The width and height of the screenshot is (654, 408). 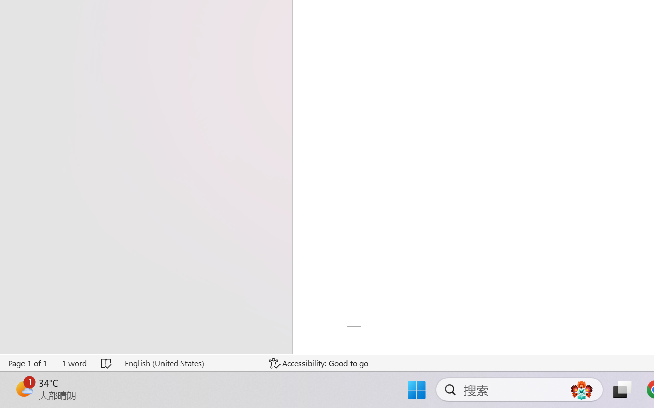 I want to click on 'AutomationID: DynamicSearchBoxGleamImage', so click(x=581, y=390).